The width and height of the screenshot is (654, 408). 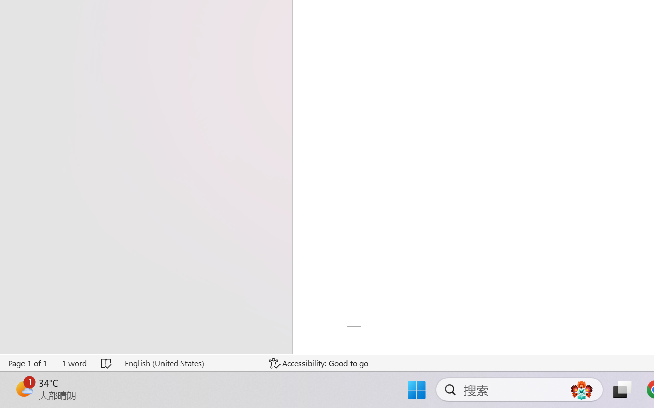 I want to click on 'AutomationID: DynamicSearchBoxGleamImage', so click(x=581, y=390).